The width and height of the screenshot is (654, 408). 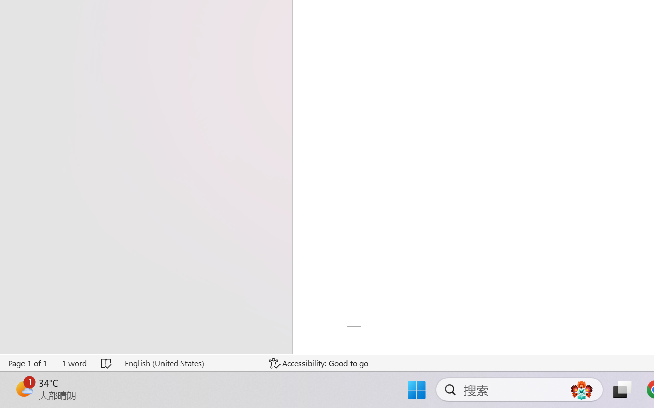 I want to click on 'AutomationID: DynamicSearchBoxGleamImage', so click(x=581, y=390).